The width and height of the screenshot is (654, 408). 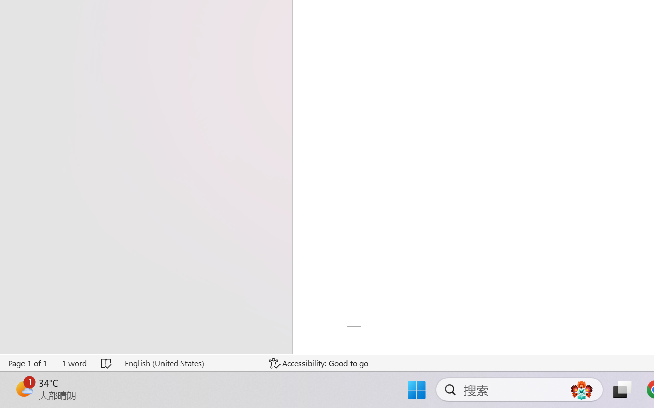 I want to click on 'AutomationID: DynamicSearchBoxGleamImage', so click(x=581, y=390).